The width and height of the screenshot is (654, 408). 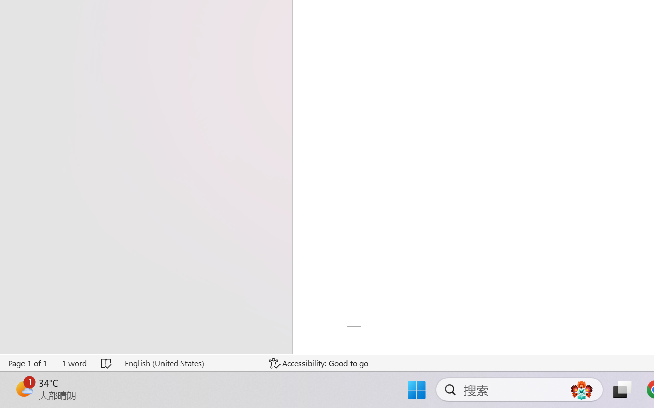 I want to click on 'AutomationID: DynamicSearchBoxGleamImage', so click(x=581, y=390).